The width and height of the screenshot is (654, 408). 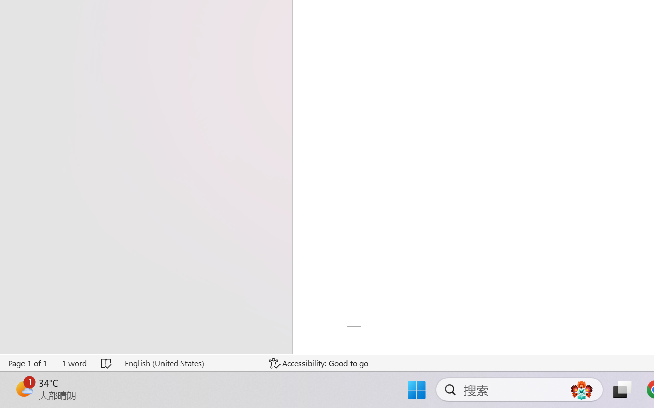 I want to click on 'AutomationID: DynamicSearchBoxGleamImage', so click(x=581, y=390).